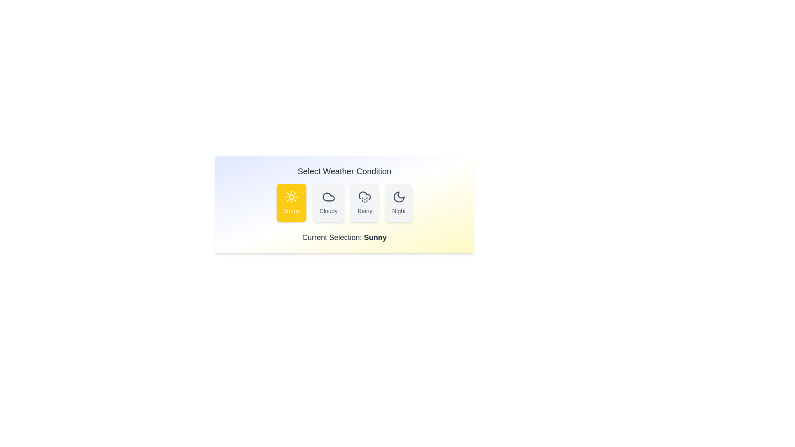 The image size is (795, 447). What do you see at coordinates (364, 202) in the screenshot?
I see `the weather button Rainy to observe its hover effect` at bounding box center [364, 202].